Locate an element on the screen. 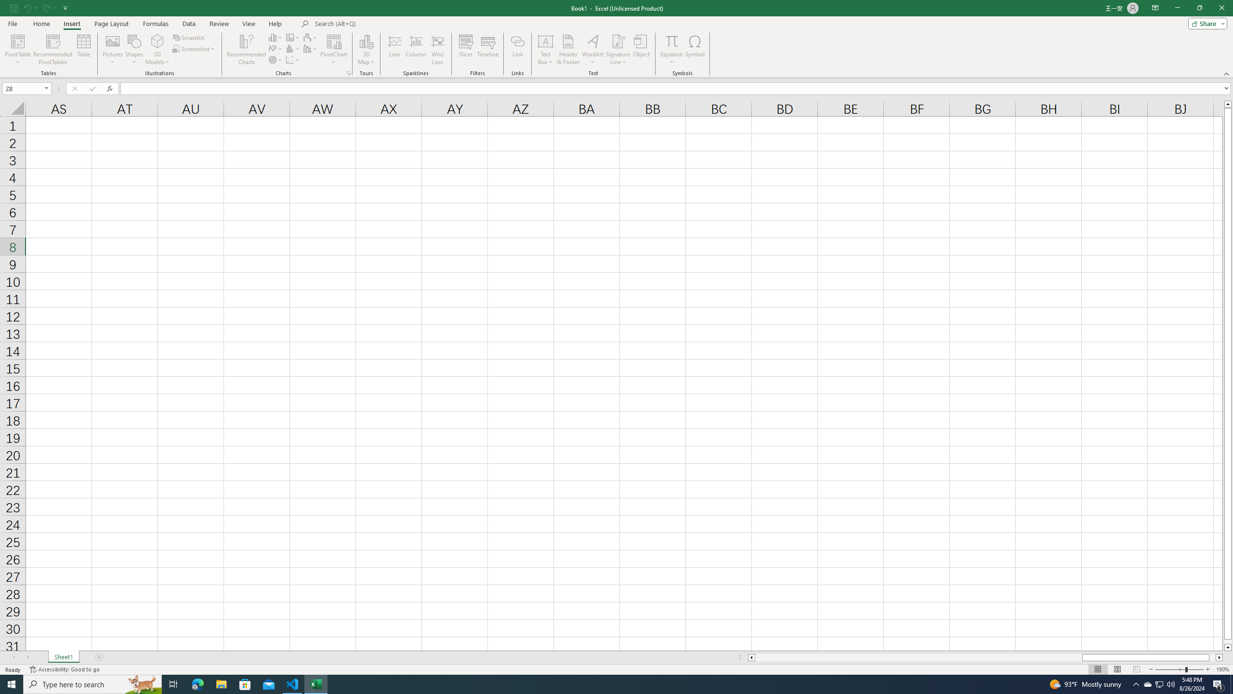 The image size is (1233, 694). 'Column' is located at coordinates (416, 50).